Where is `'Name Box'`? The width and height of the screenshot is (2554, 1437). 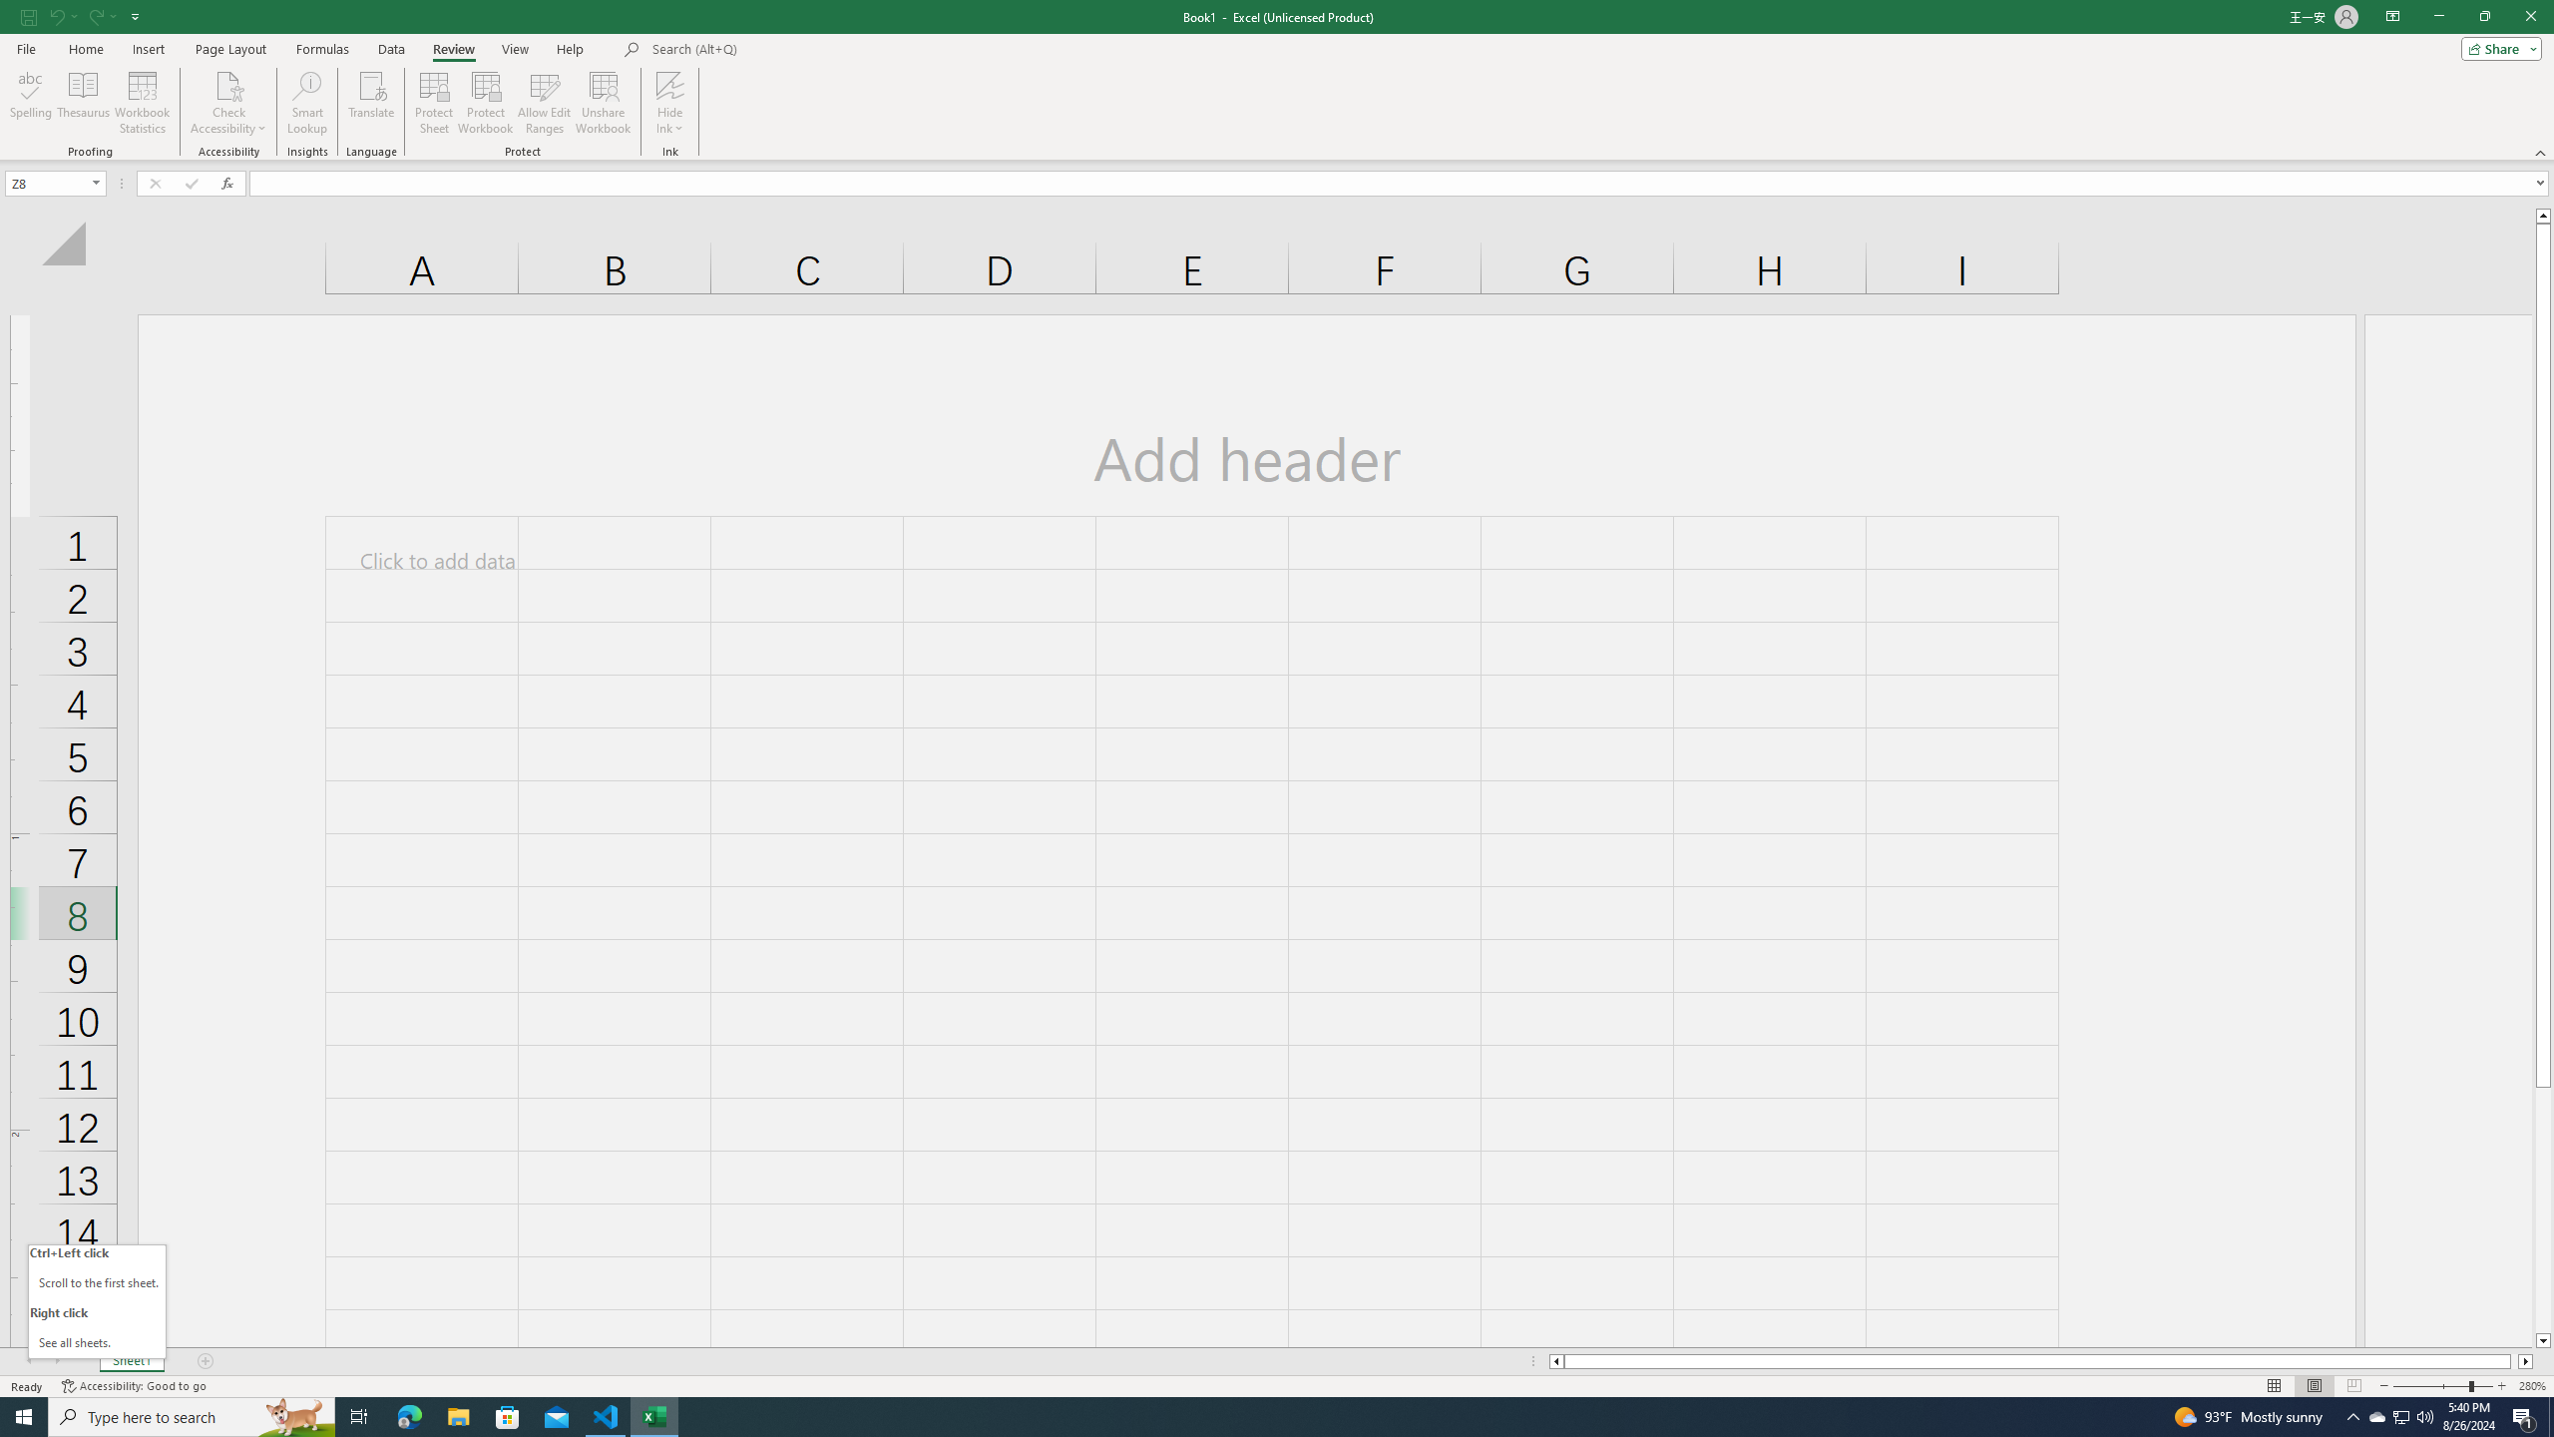
'Name Box' is located at coordinates (54, 183).